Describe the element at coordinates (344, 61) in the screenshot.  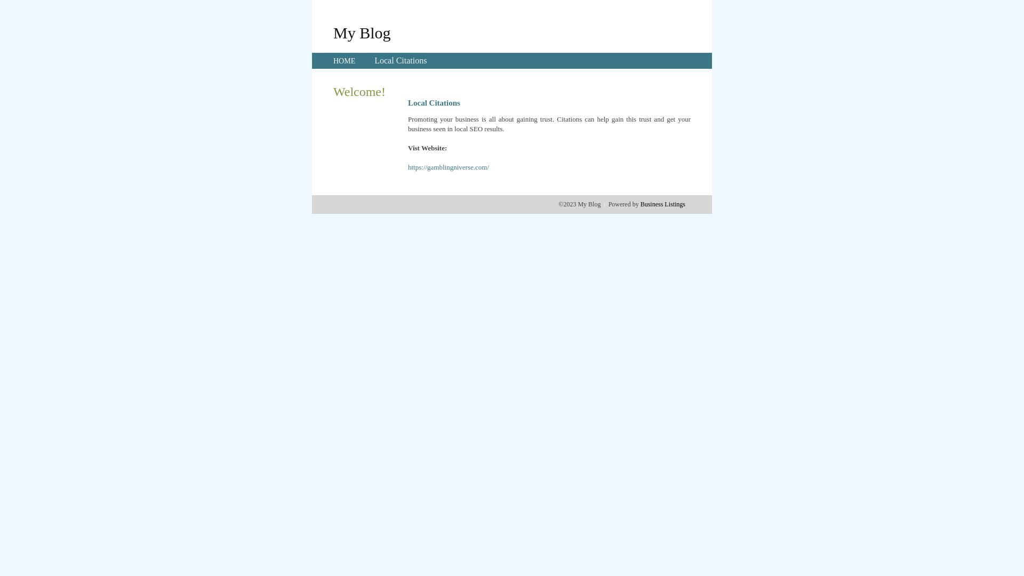
I see `'HOME'` at that location.